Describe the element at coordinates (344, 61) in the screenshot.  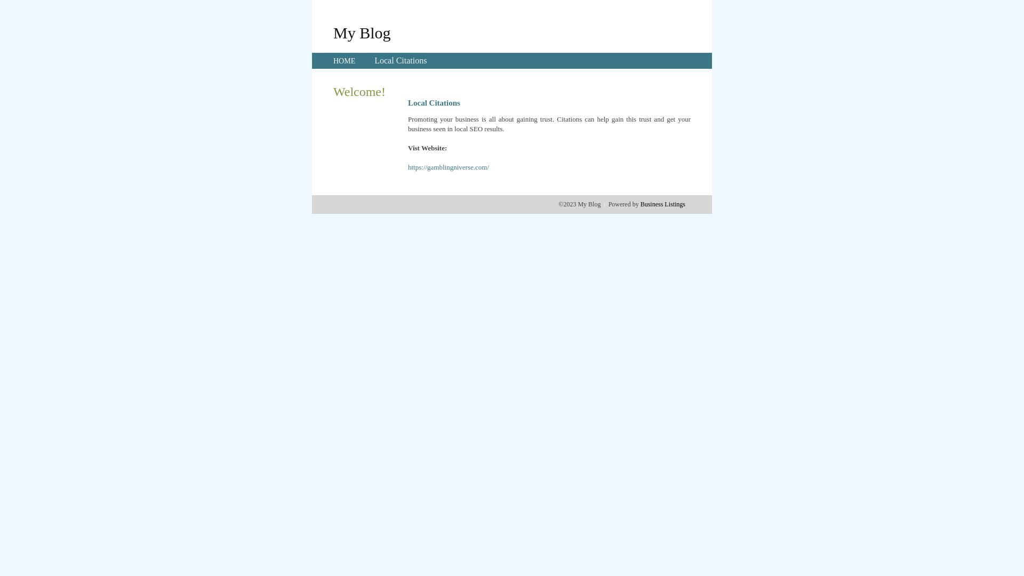
I see `'HOME'` at that location.